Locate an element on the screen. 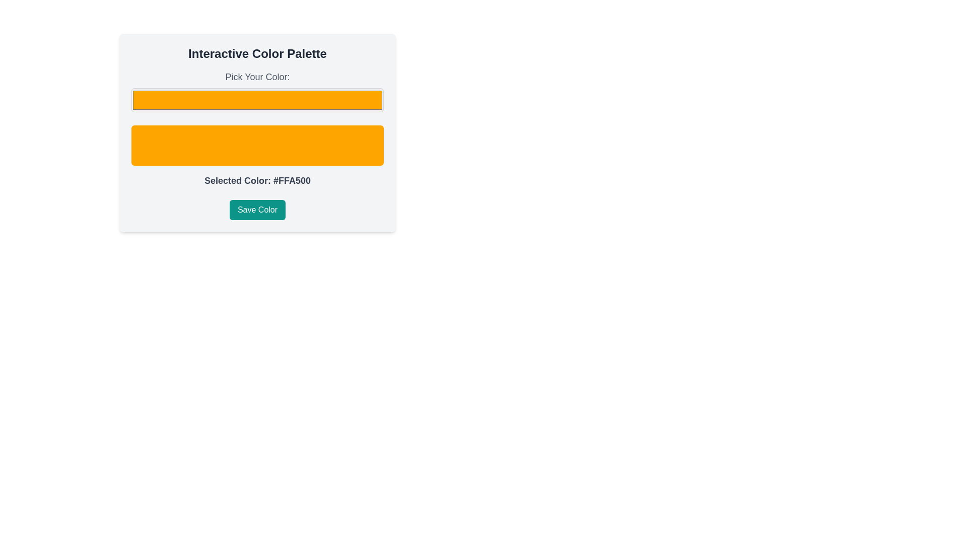  the text display that shows the currently selected color's hexadecimal code, positioned below the color preview box and above the 'Save Color' button is located at coordinates (257, 180).